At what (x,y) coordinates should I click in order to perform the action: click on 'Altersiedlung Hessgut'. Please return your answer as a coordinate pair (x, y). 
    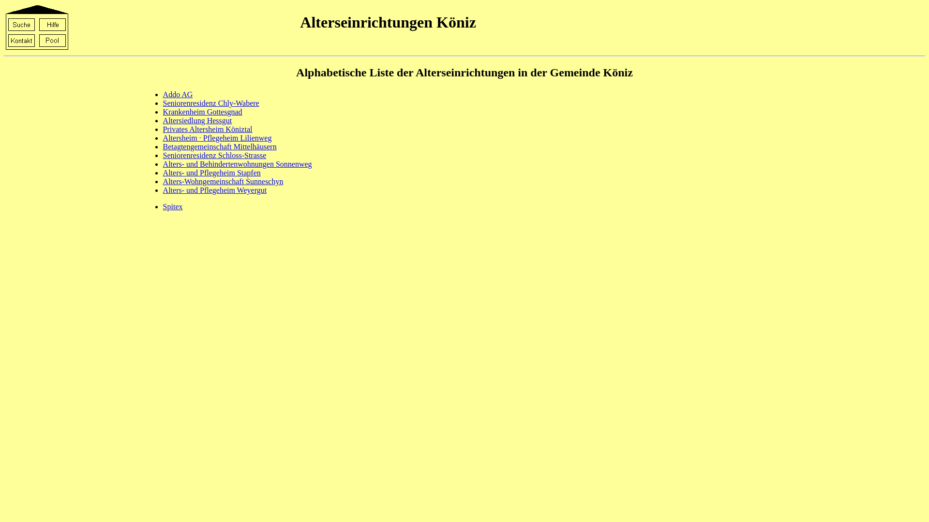
    Looking at the image, I should click on (197, 120).